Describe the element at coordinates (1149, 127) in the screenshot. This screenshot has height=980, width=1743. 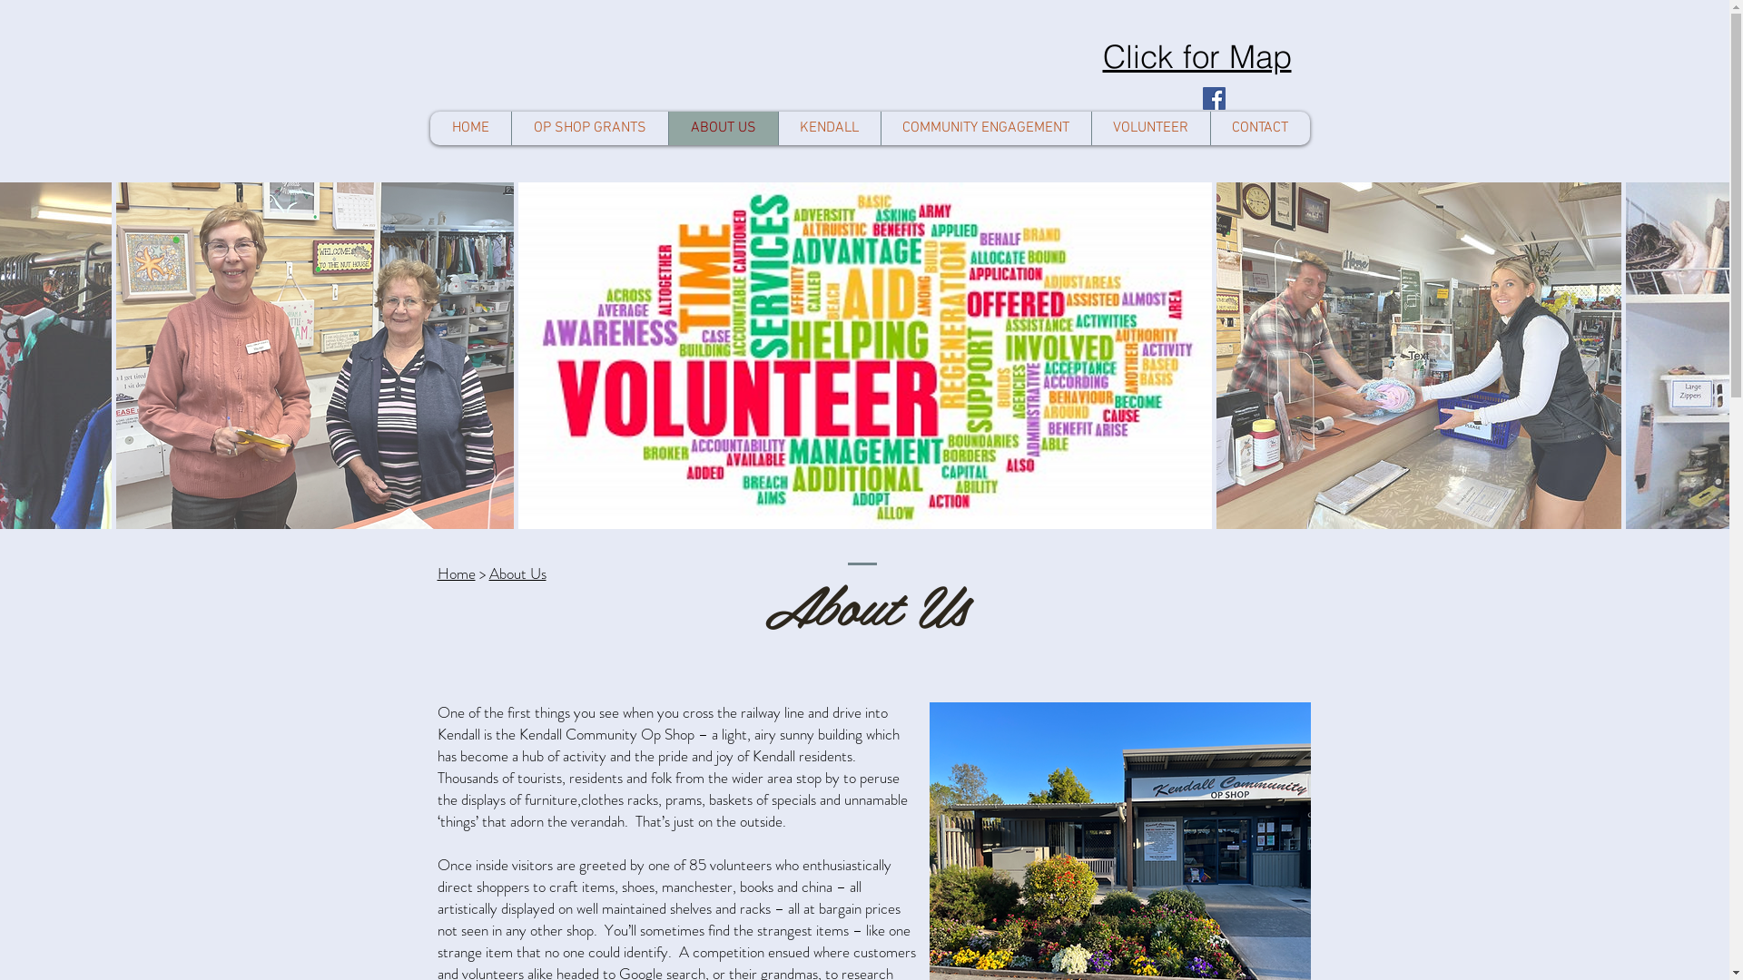
I see `'VOLUNTEER'` at that location.